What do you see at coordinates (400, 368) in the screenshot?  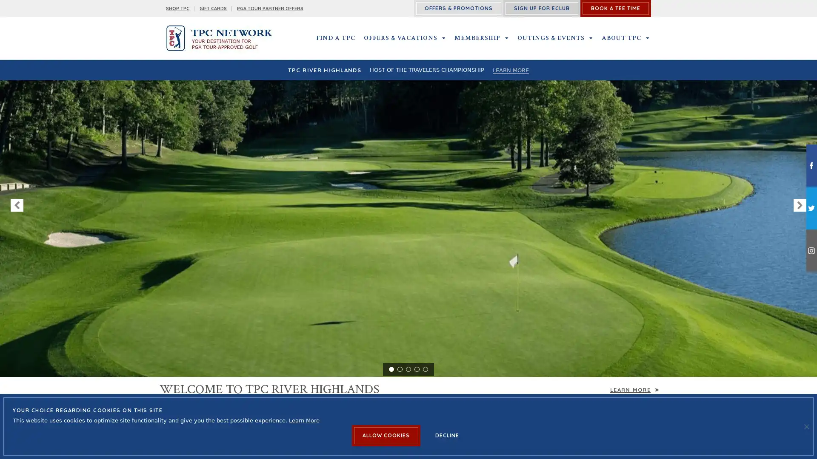 I see `2 of 5` at bounding box center [400, 368].